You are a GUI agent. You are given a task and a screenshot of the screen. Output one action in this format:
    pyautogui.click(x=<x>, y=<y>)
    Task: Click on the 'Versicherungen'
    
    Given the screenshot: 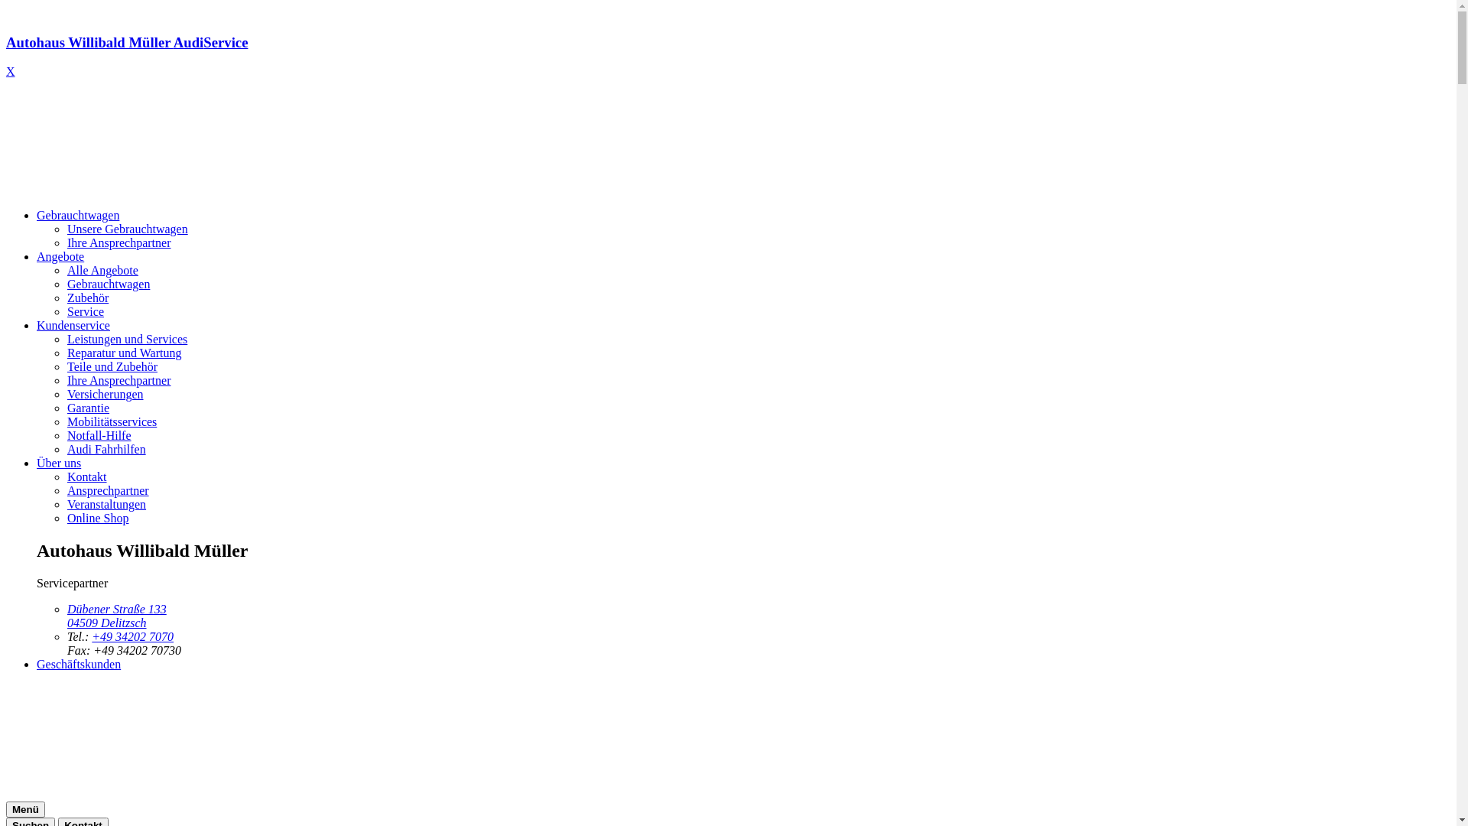 What is the action you would take?
    pyautogui.click(x=66, y=393)
    